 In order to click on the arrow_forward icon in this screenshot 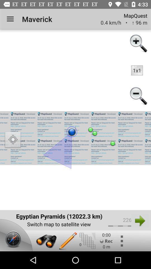, I will do `click(140, 221)`.